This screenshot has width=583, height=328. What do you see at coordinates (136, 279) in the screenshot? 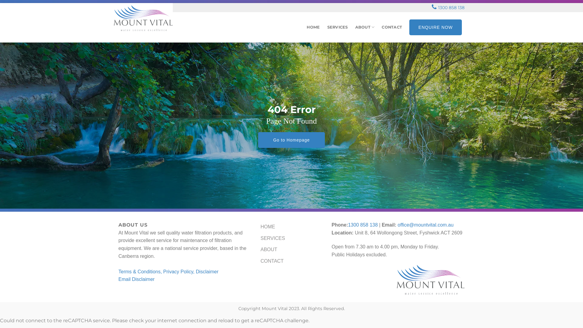
I see `'Email Disclaimer'` at bounding box center [136, 279].